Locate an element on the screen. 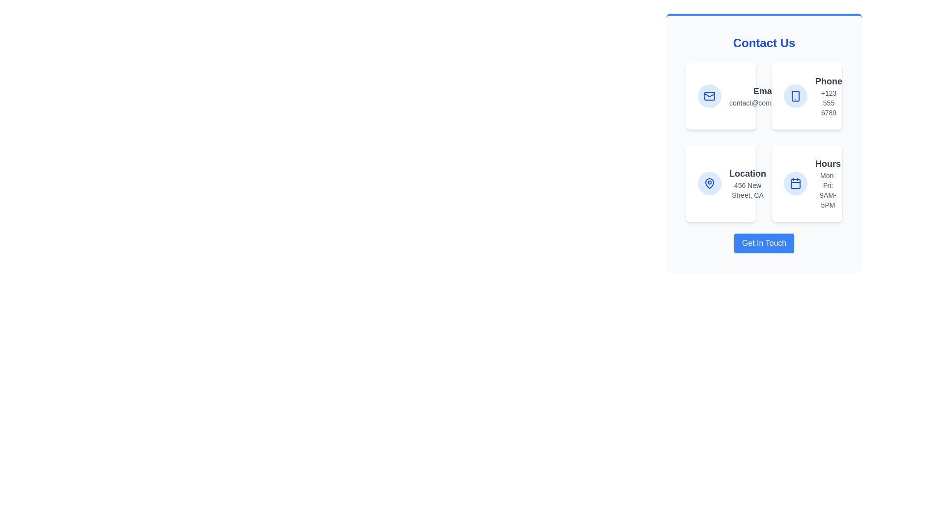  information displayed in the text label showing the phone number '+123 555 6789' located below the 'Phone' label in the contact card is located at coordinates (828, 103).